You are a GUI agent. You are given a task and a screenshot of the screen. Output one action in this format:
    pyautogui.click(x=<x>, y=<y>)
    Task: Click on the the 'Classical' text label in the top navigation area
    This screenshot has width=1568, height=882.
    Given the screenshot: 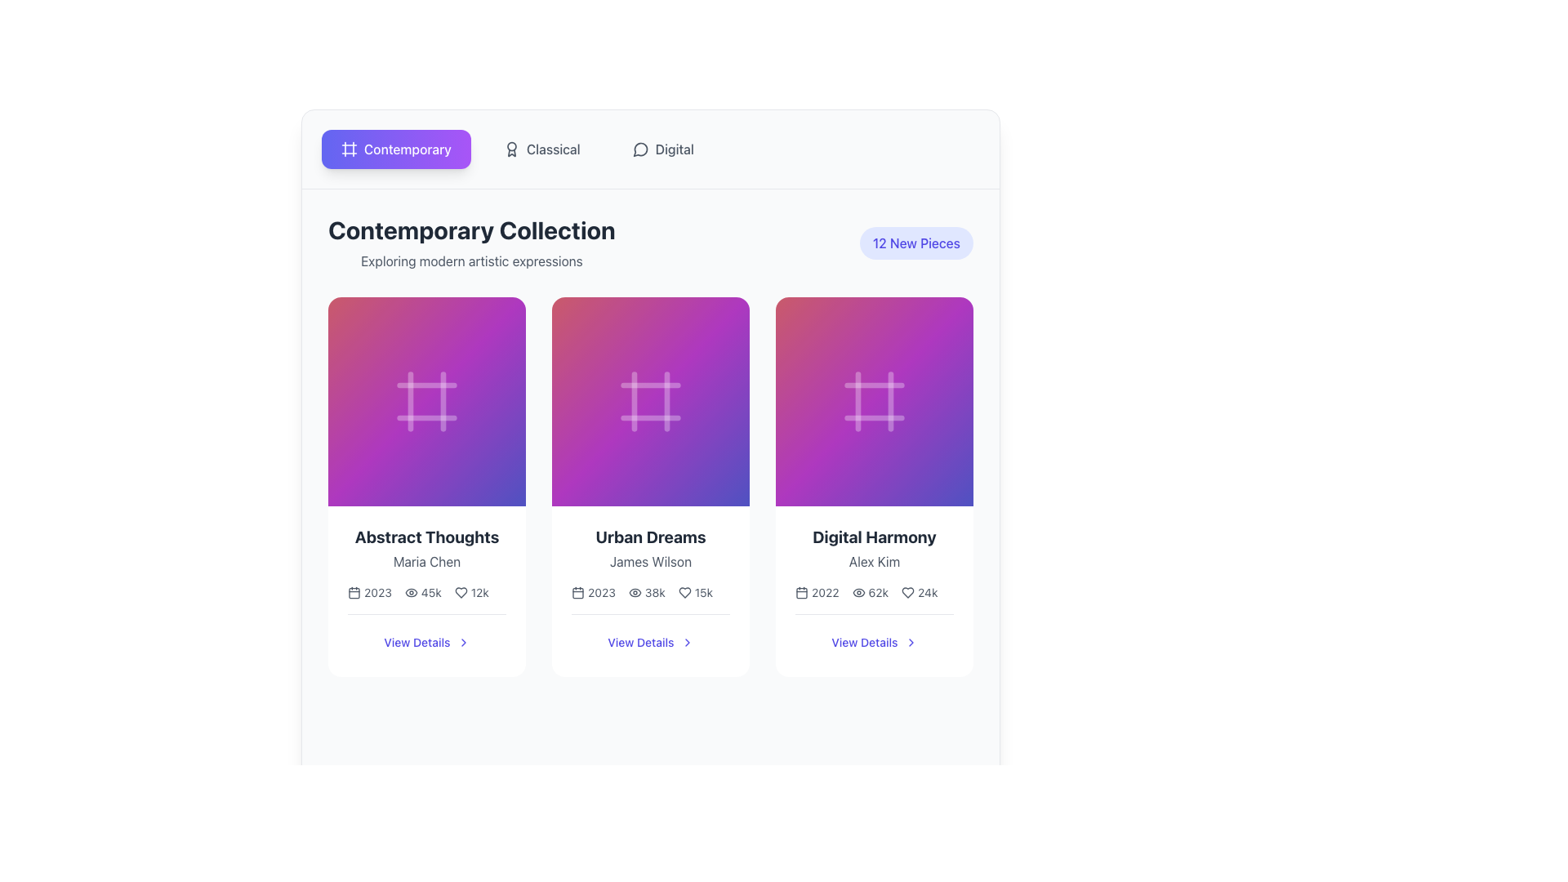 What is the action you would take?
    pyautogui.click(x=553, y=149)
    